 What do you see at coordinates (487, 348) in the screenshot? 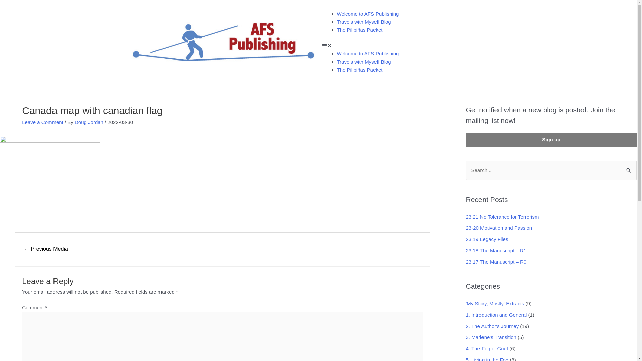
I see `'4. The Fog of Grief'` at bounding box center [487, 348].